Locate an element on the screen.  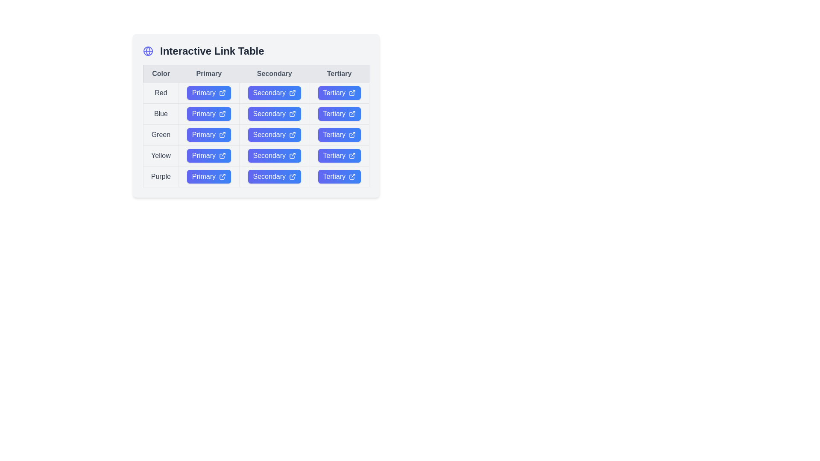
the 'Secondary' button located is located at coordinates (274, 93).